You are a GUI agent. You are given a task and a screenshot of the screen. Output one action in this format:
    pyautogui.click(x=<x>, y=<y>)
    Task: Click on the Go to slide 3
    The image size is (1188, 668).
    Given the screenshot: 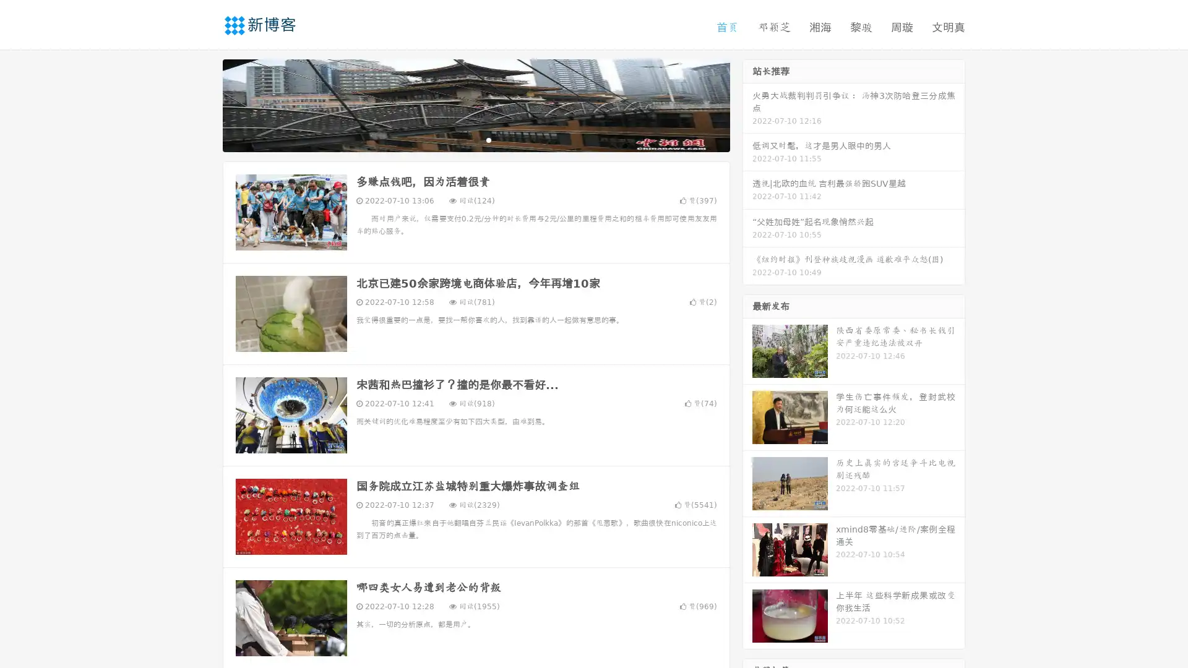 What is the action you would take?
    pyautogui.click(x=488, y=139)
    